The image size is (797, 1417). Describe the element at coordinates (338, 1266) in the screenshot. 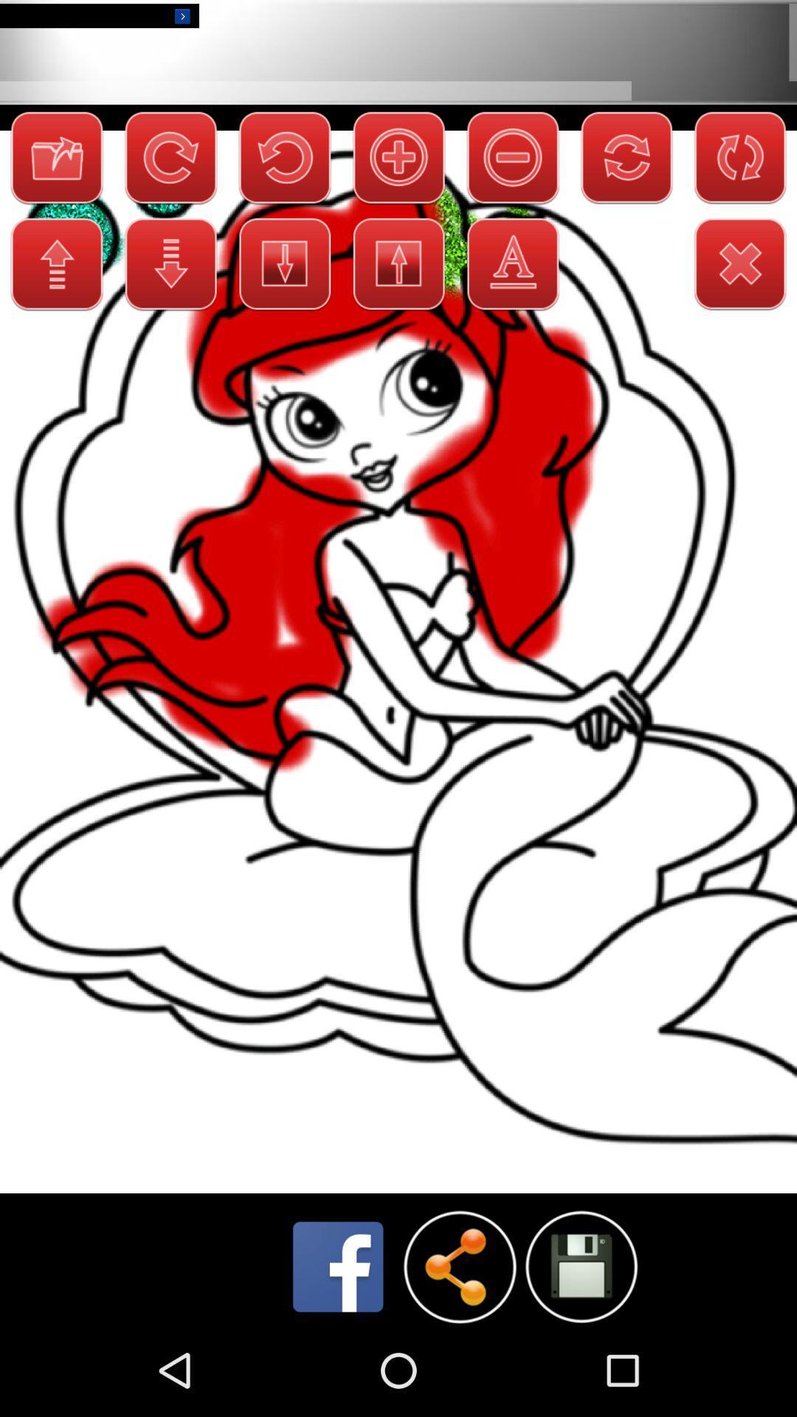

I see `share on facebook` at that location.